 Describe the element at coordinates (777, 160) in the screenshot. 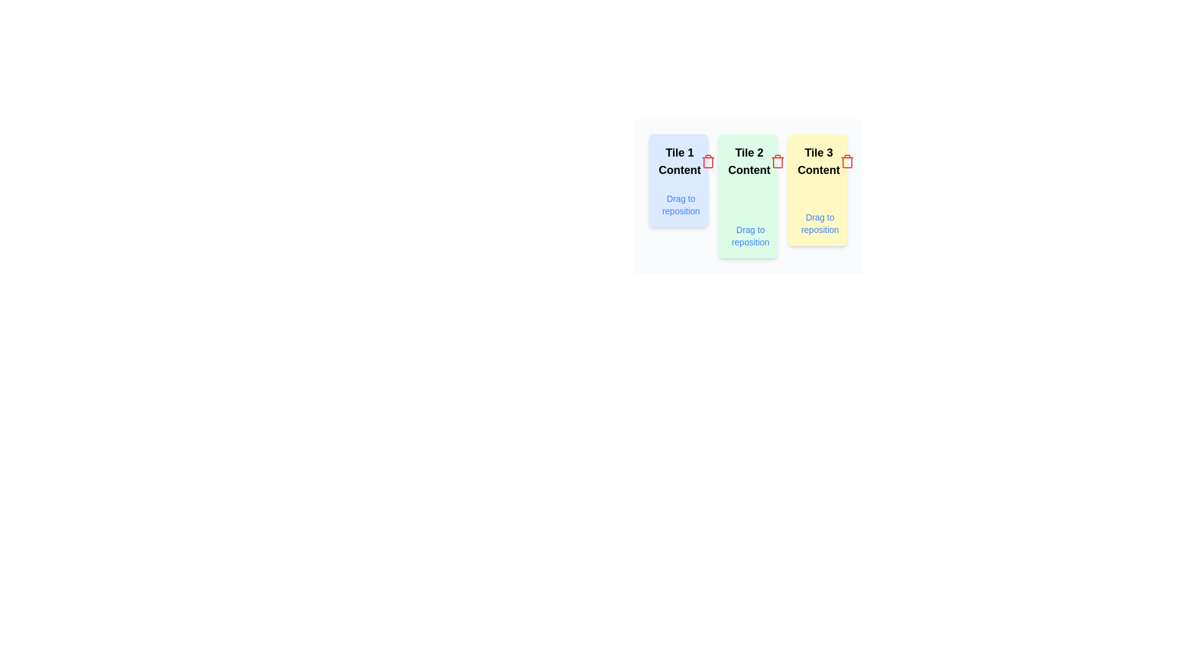

I see `the delete button located in the top-right corner of the 'Tile 2 Content' card` at that location.